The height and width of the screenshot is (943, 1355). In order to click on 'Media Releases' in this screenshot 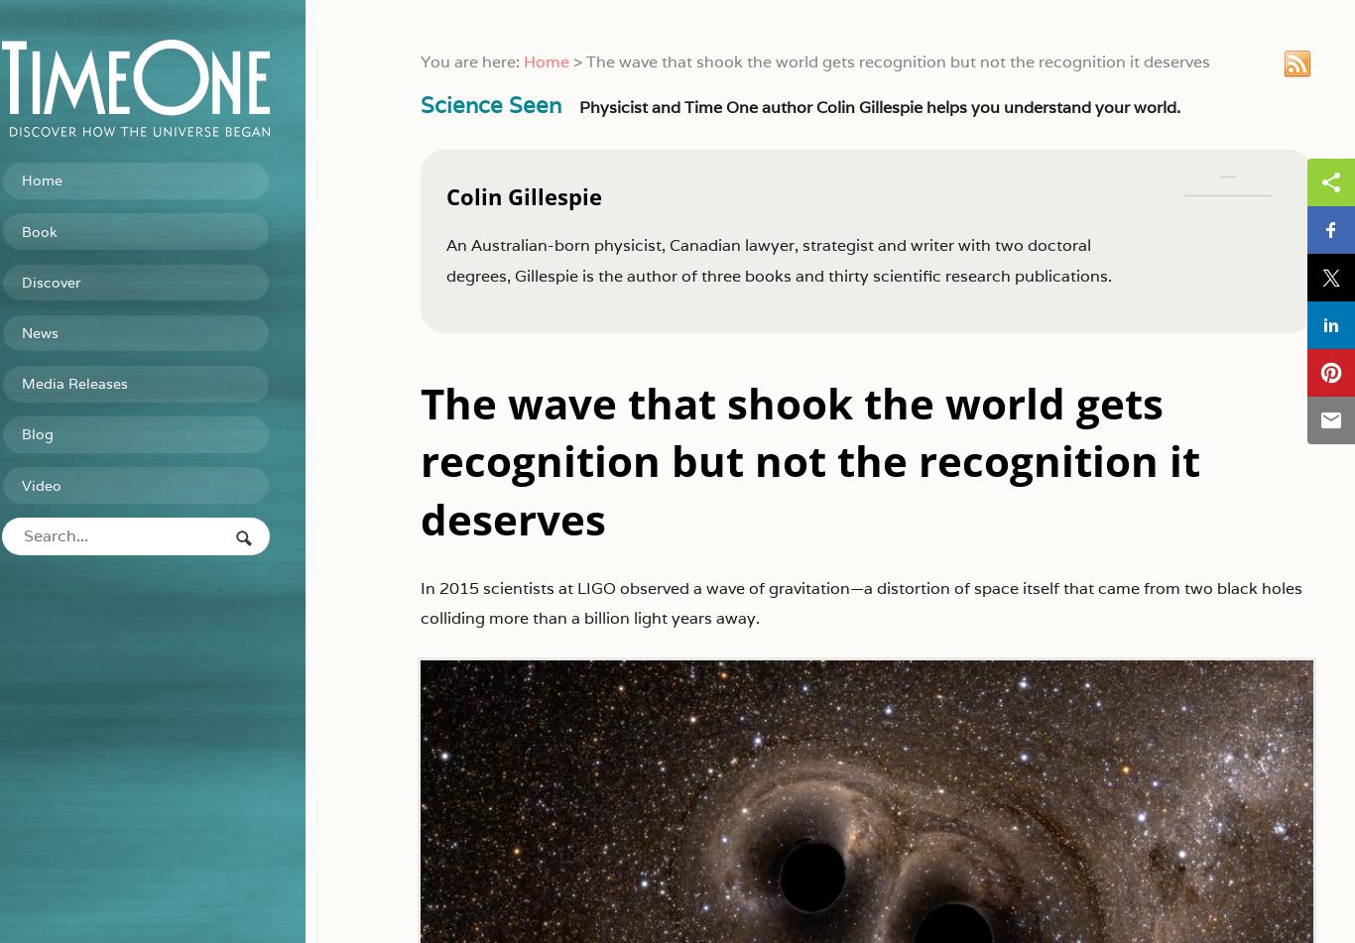, I will do `click(107, 375)`.